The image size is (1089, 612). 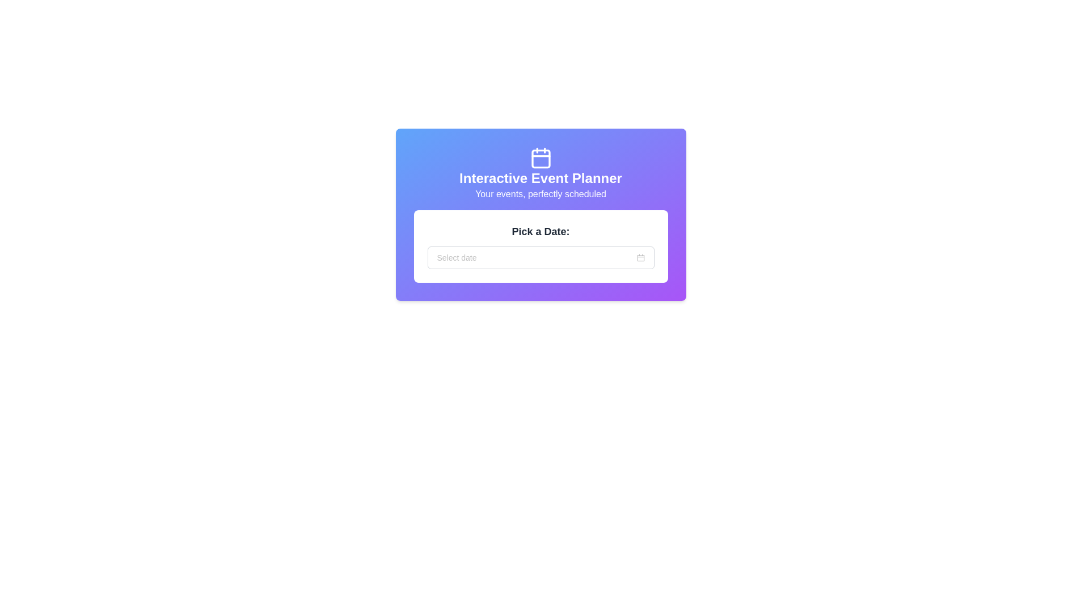 What do you see at coordinates (640, 258) in the screenshot?
I see `the calendar icon located to the right of the date input field in the interactive date picker interface` at bounding box center [640, 258].